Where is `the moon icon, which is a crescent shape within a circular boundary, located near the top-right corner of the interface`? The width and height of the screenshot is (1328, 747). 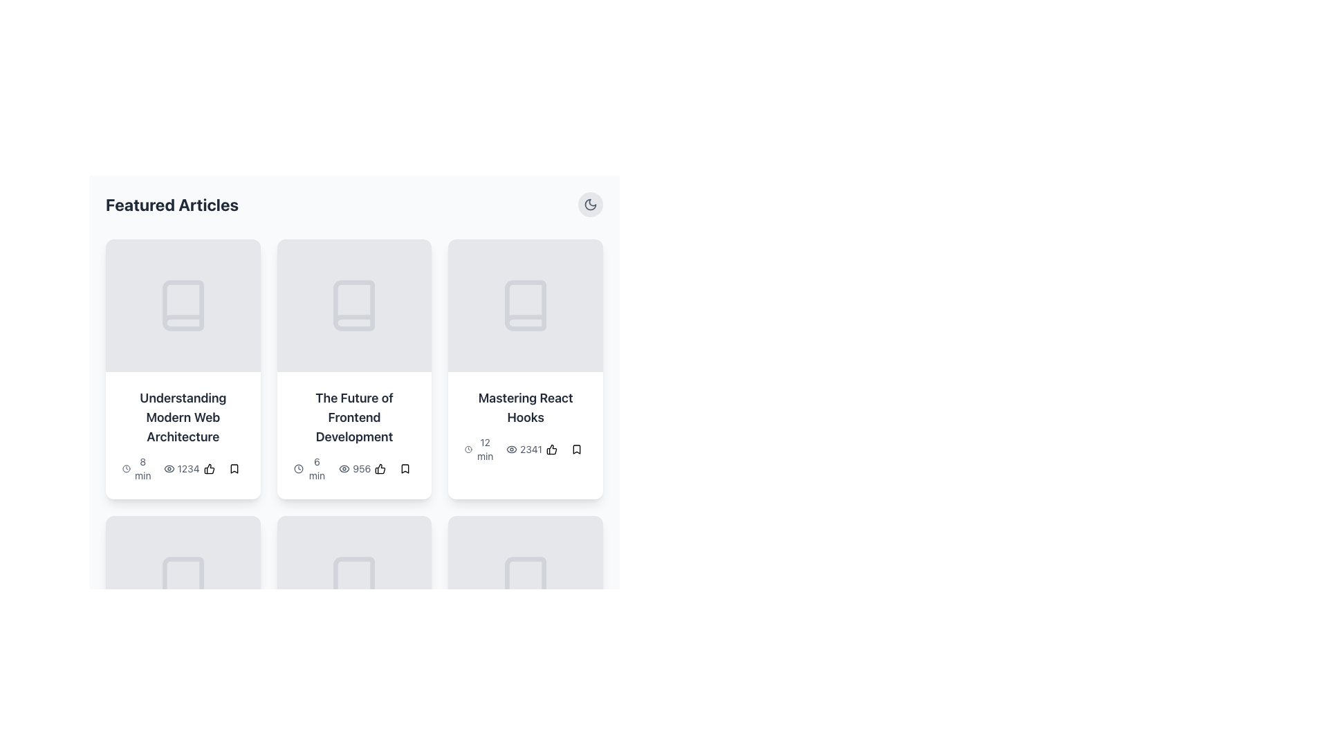
the moon icon, which is a crescent shape within a circular boundary, located near the top-right corner of the interface is located at coordinates (591, 205).